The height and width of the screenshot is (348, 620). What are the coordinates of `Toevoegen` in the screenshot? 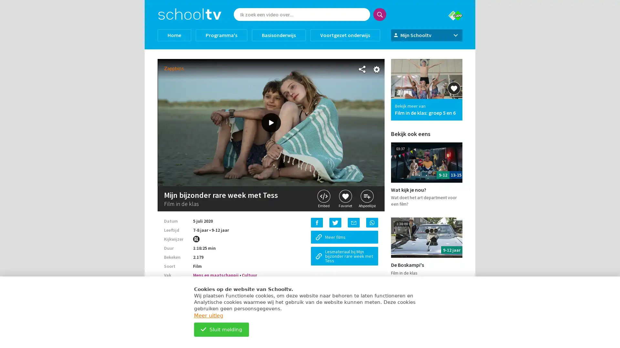 It's located at (310, 119).